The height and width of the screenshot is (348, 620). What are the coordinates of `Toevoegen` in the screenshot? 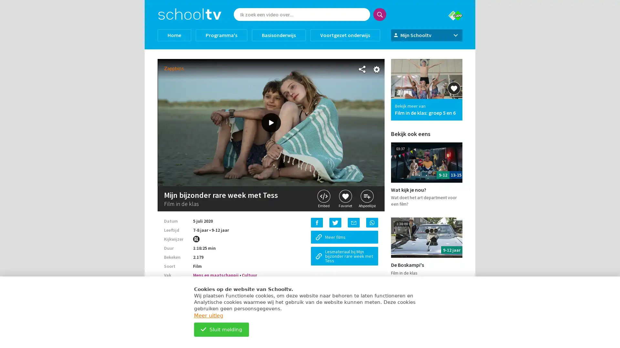 It's located at (310, 119).